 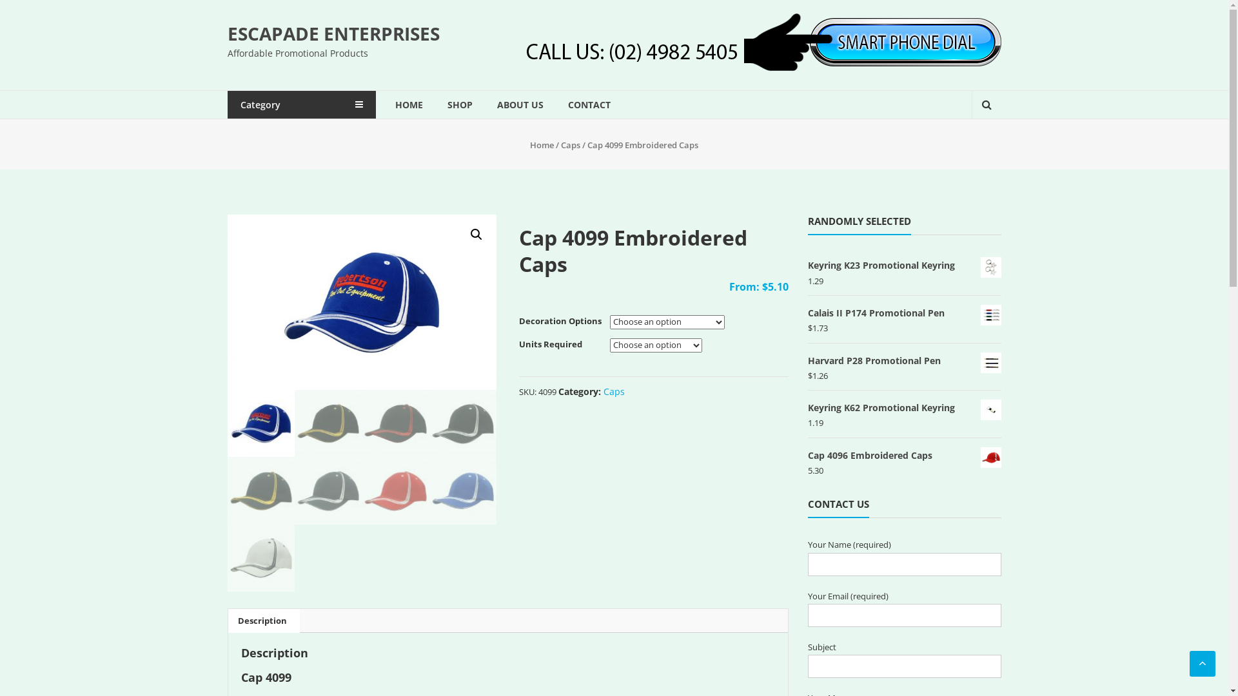 I want to click on 'SHOP', so click(x=460, y=104).